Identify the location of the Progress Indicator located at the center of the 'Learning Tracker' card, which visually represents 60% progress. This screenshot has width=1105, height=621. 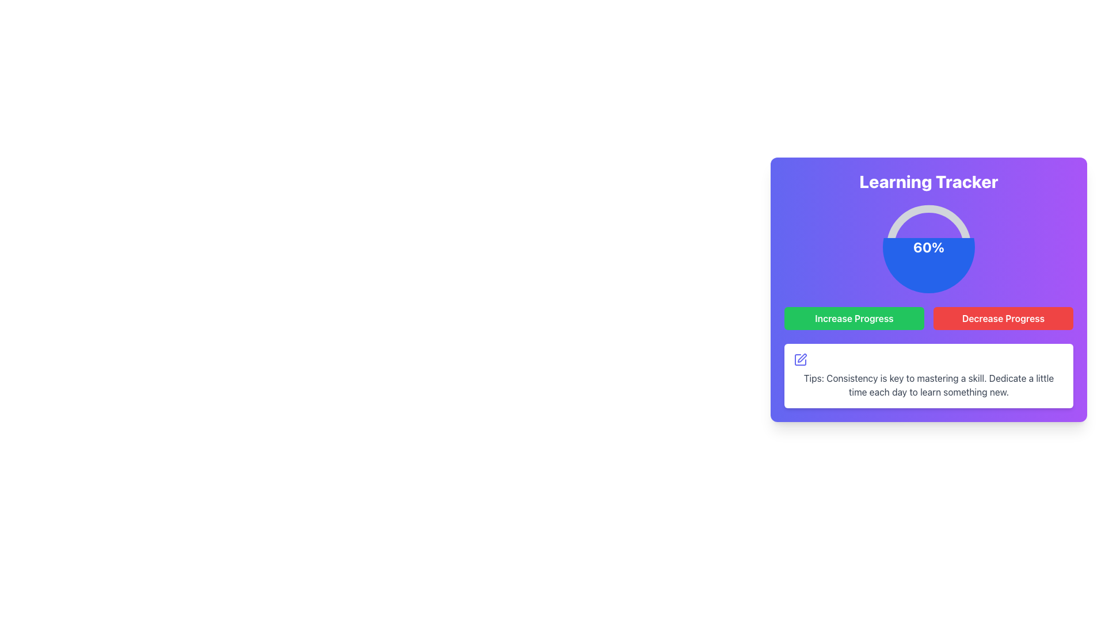
(928, 246).